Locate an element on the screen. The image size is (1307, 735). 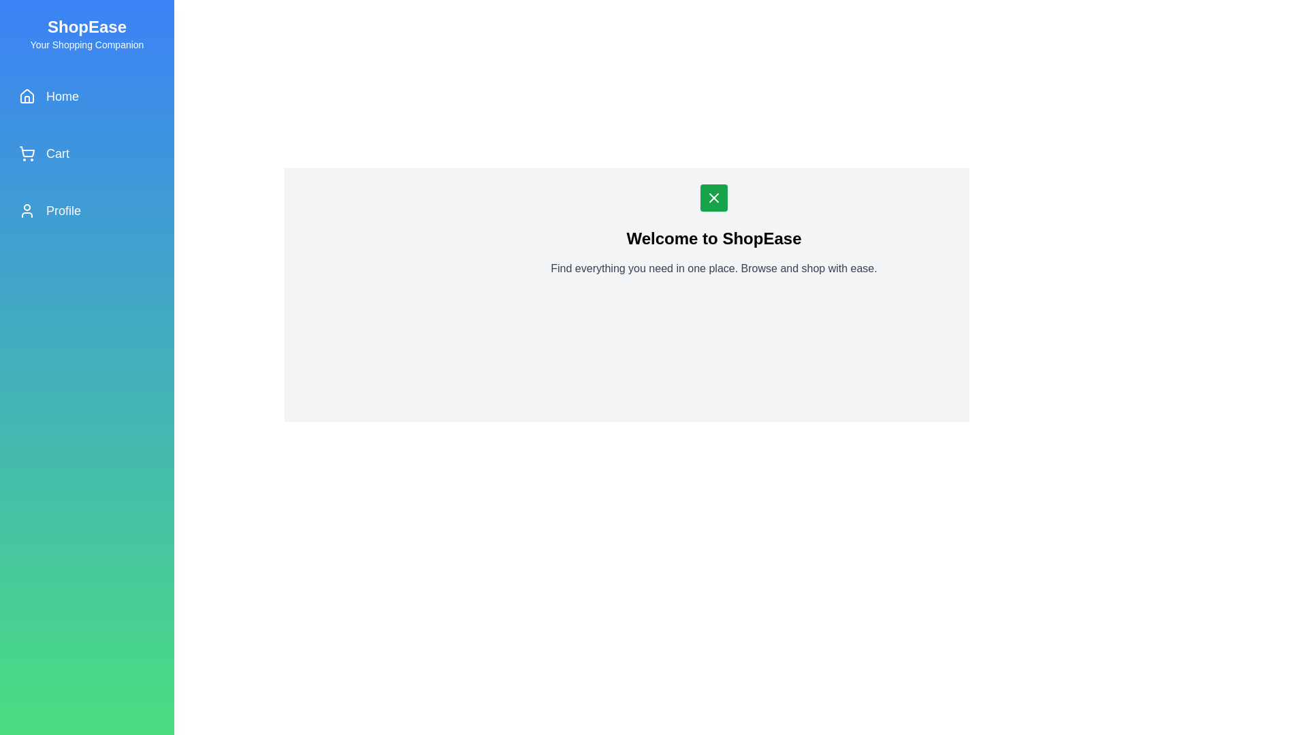
the 'Home' text label element, which is styled in white font against a blue-toned gradient background and is located in the sidebar on the left side of the interface, next to the house icon is located at coordinates (61, 96).